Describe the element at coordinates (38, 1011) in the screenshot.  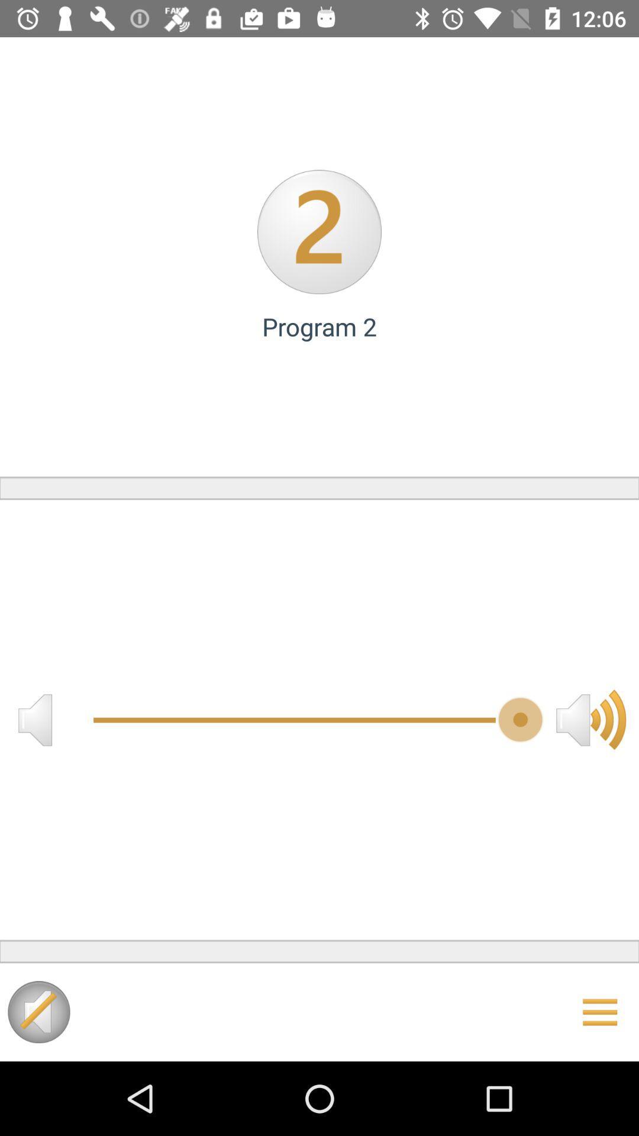
I see `sound on` at that location.